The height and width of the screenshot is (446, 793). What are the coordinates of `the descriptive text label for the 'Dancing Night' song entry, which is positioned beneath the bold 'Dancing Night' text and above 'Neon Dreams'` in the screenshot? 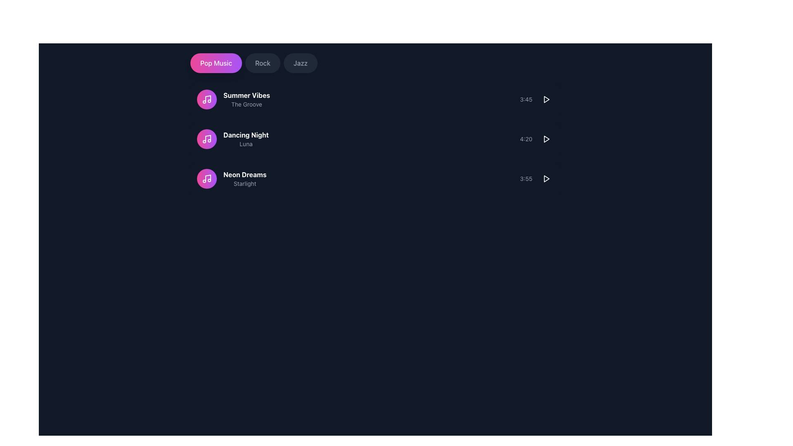 It's located at (245, 143).